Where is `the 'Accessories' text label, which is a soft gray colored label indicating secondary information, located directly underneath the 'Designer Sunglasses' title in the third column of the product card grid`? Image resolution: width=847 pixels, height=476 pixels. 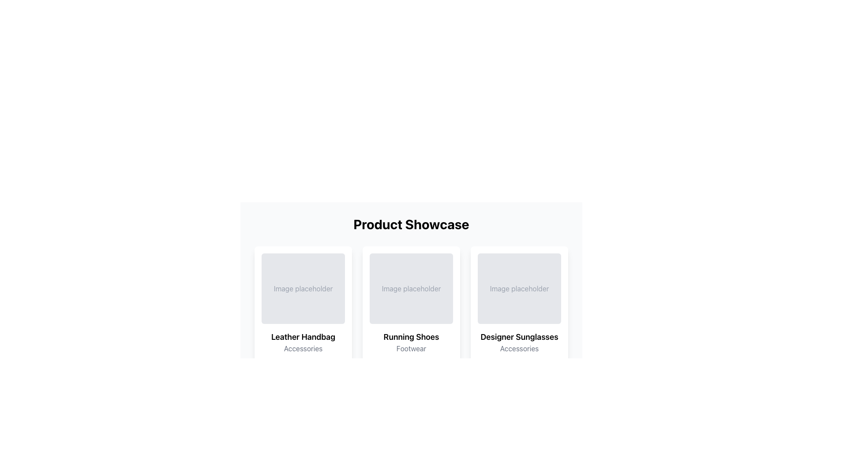 the 'Accessories' text label, which is a soft gray colored label indicating secondary information, located directly underneath the 'Designer Sunglasses' title in the third column of the product card grid is located at coordinates (519, 348).